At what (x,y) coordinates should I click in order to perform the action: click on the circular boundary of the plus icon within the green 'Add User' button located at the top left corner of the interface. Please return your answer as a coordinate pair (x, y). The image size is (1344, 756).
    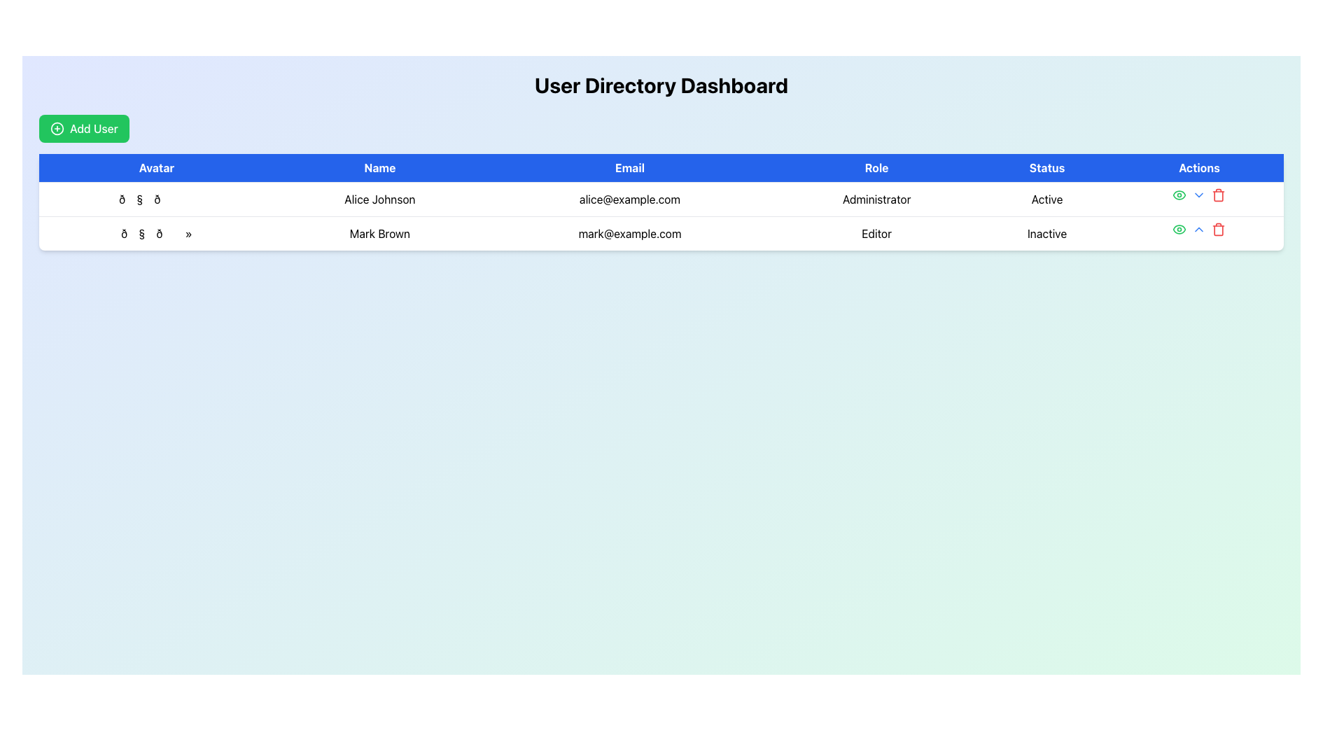
    Looking at the image, I should click on (56, 129).